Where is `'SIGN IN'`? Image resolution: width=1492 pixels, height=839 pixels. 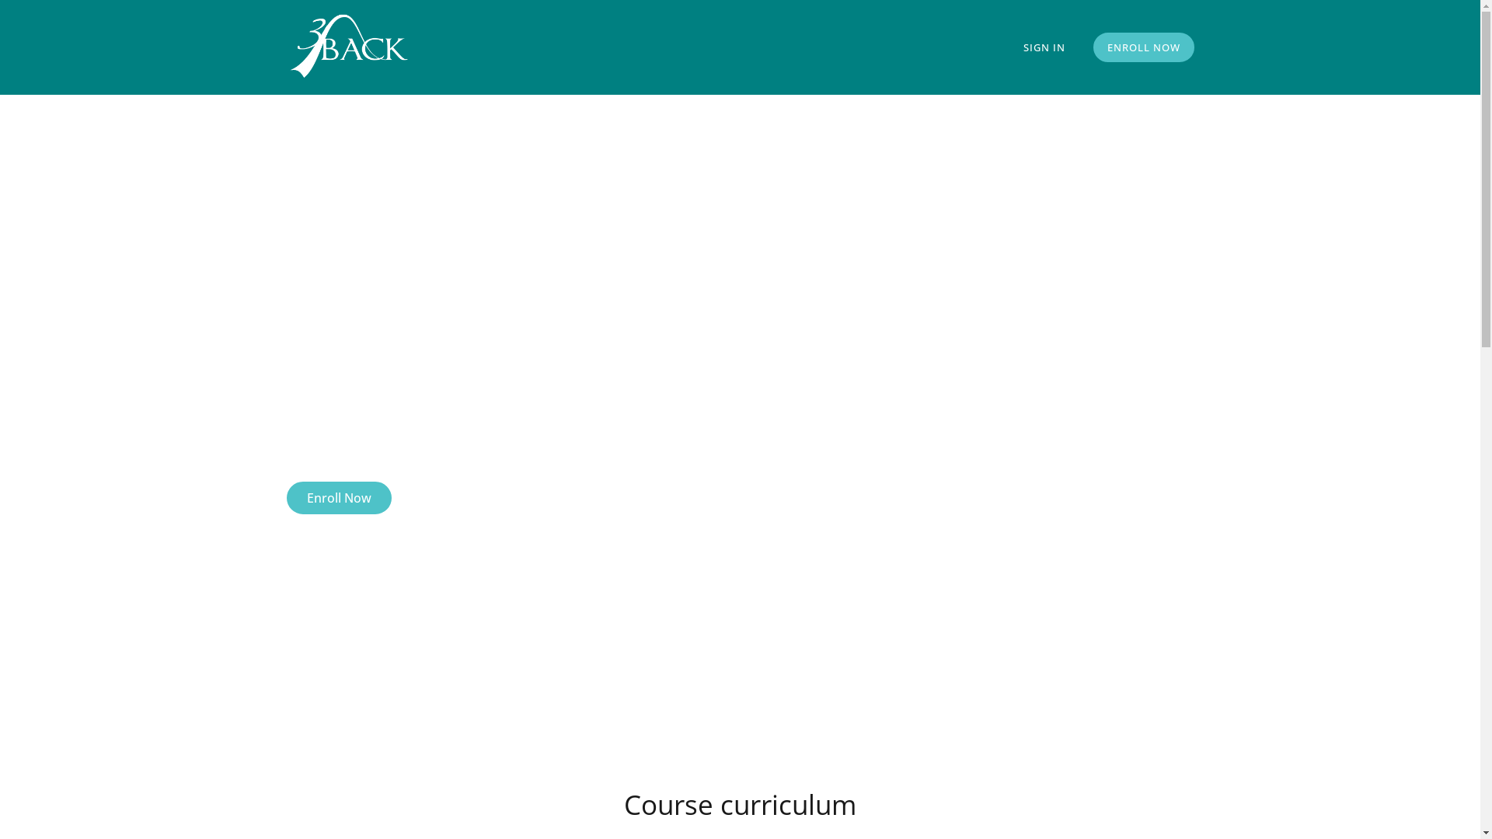 'SIGN IN' is located at coordinates (1044, 47).